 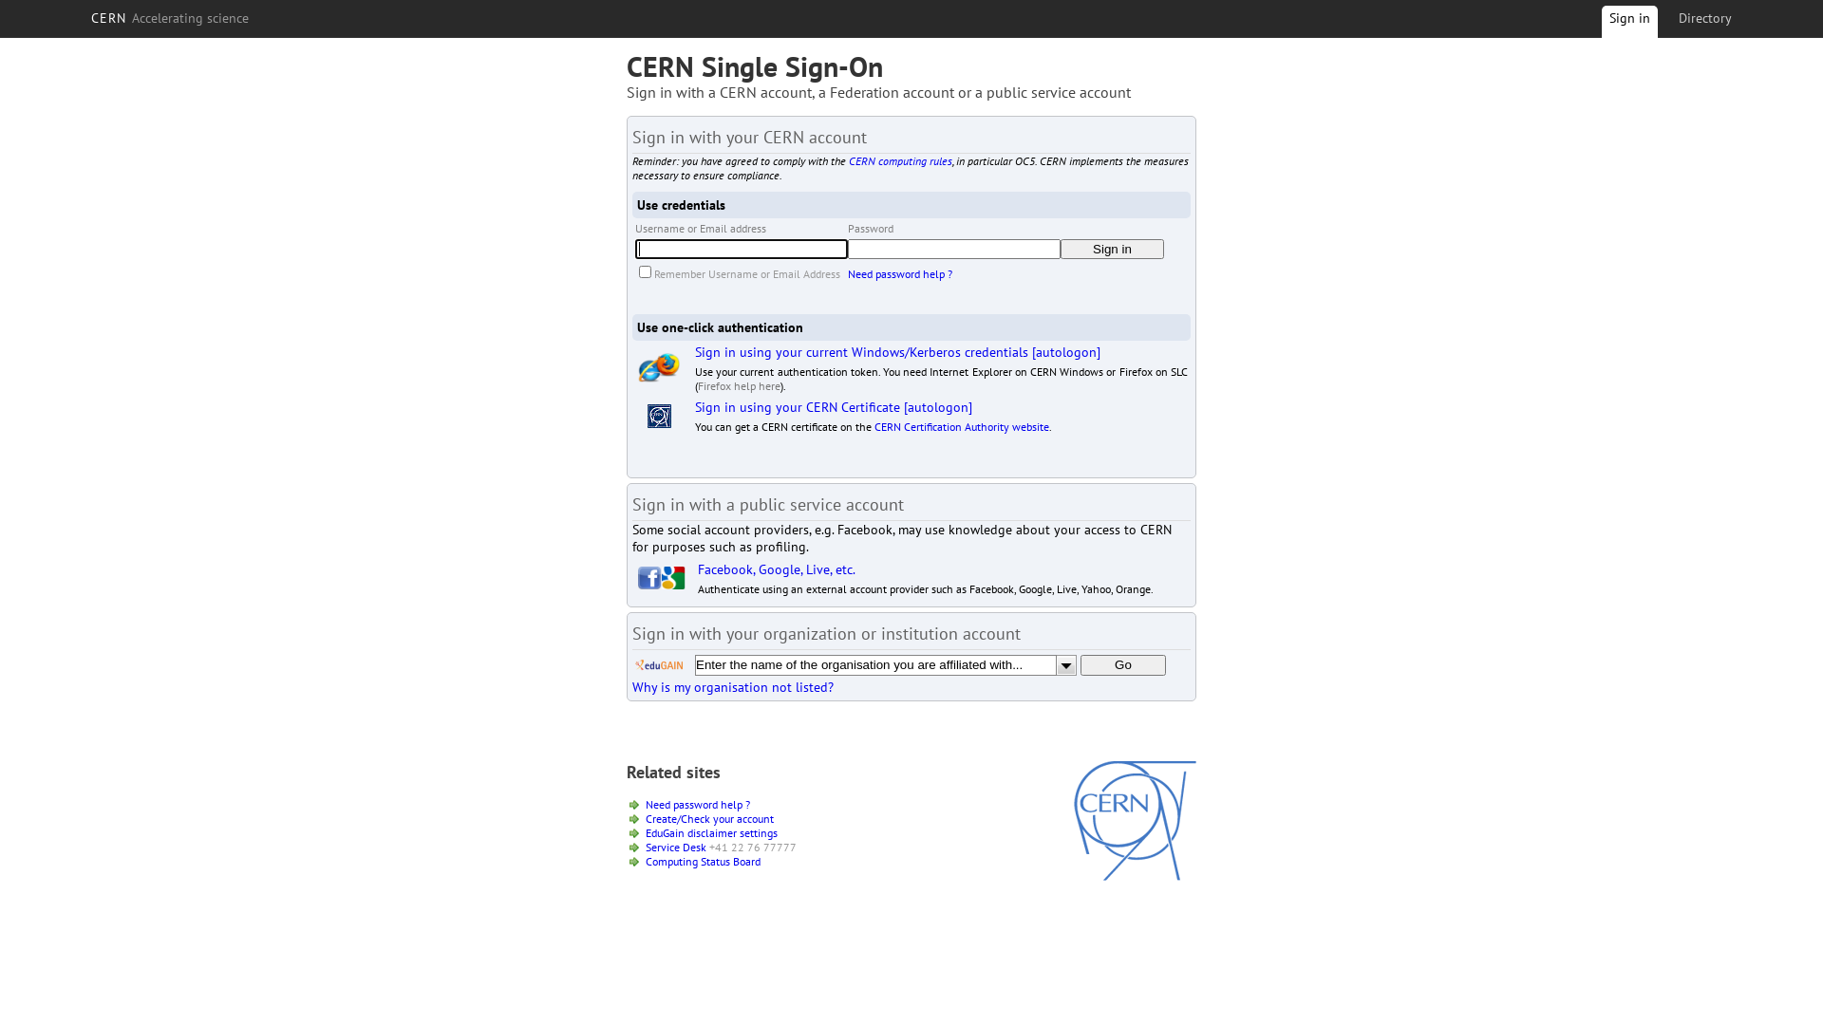 What do you see at coordinates (1704, 18) in the screenshot?
I see `'Directory'` at bounding box center [1704, 18].